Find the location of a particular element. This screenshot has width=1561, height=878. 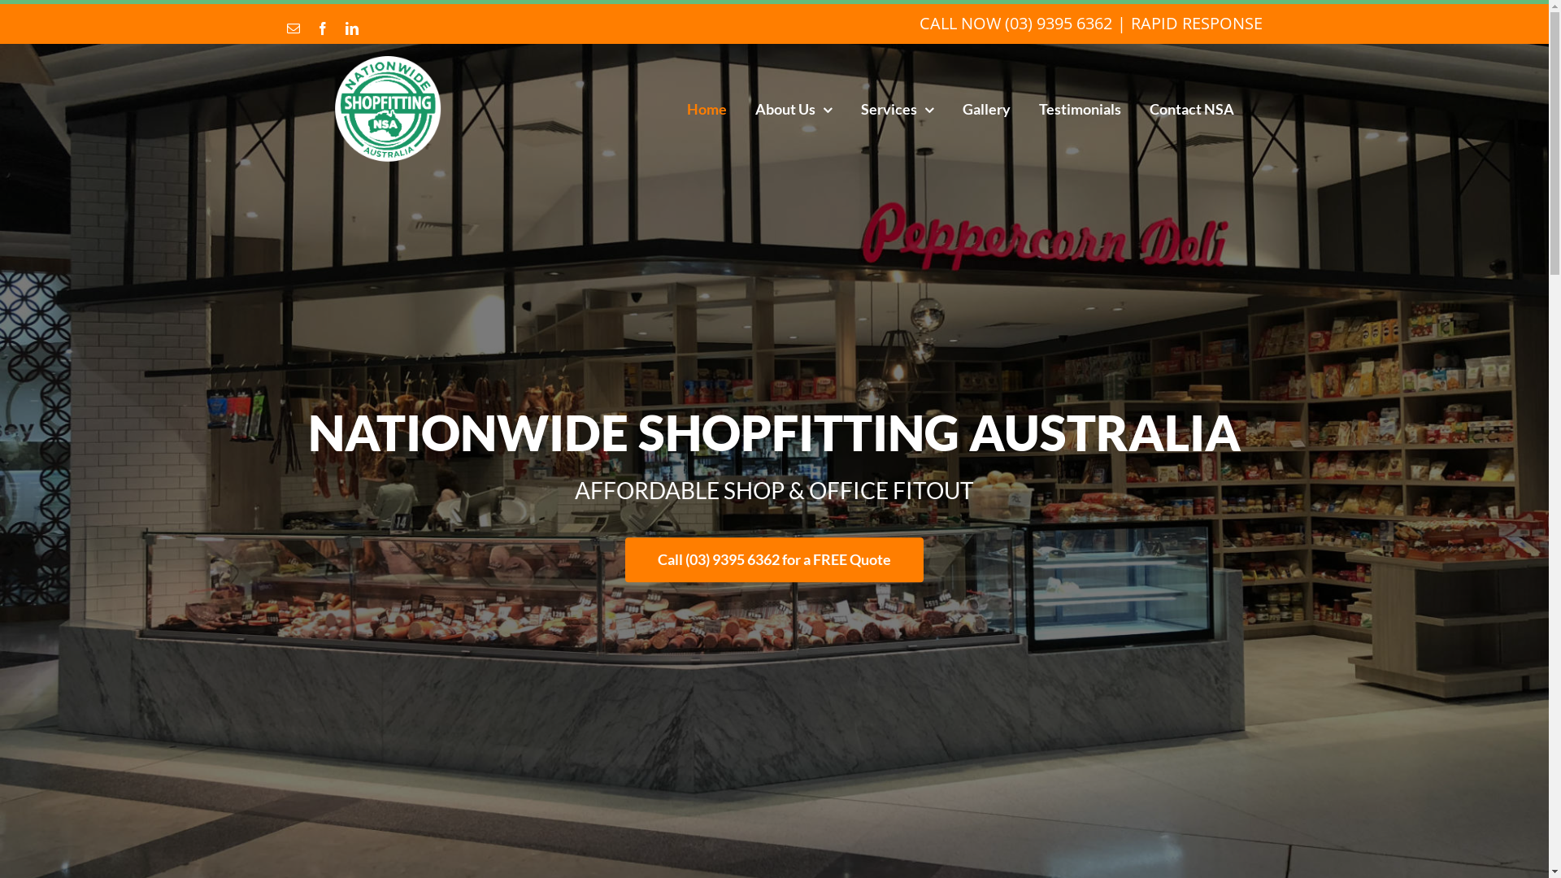

'(03) 9395 6362' is located at coordinates (1058, 23).